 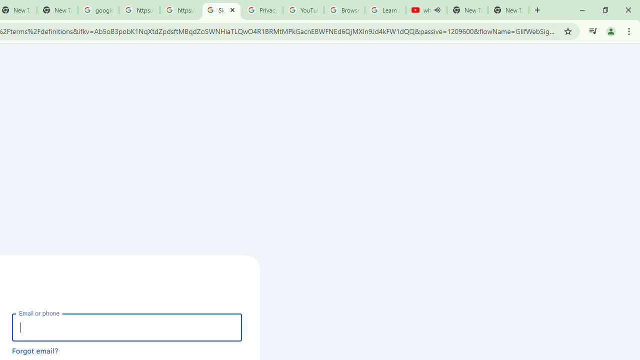 What do you see at coordinates (126, 327) in the screenshot?
I see `'Email or phone'` at bounding box center [126, 327].